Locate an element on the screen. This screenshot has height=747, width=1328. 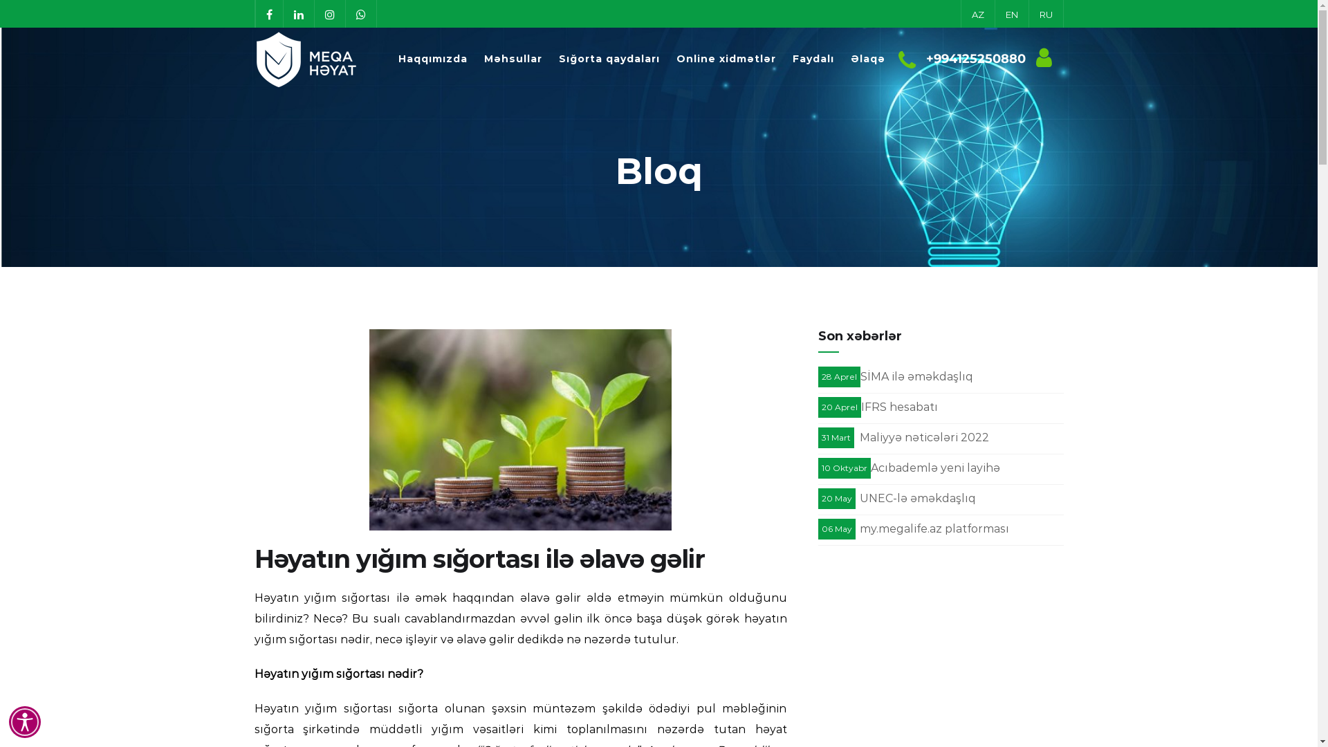
'RU' is located at coordinates (1045, 13).